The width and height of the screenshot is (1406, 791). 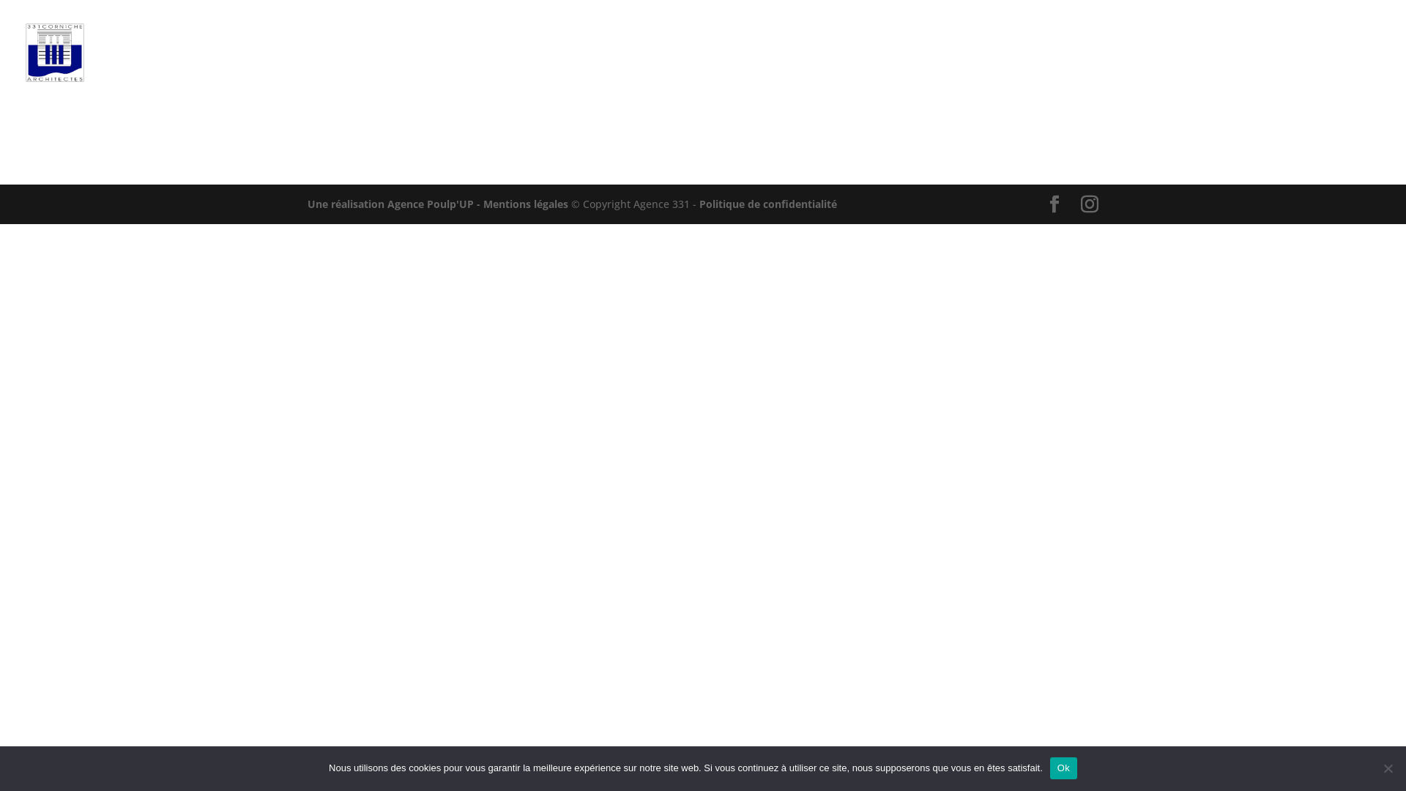 What do you see at coordinates (1063, 768) in the screenshot?
I see `'Ok'` at bounding box center [1063, 768].